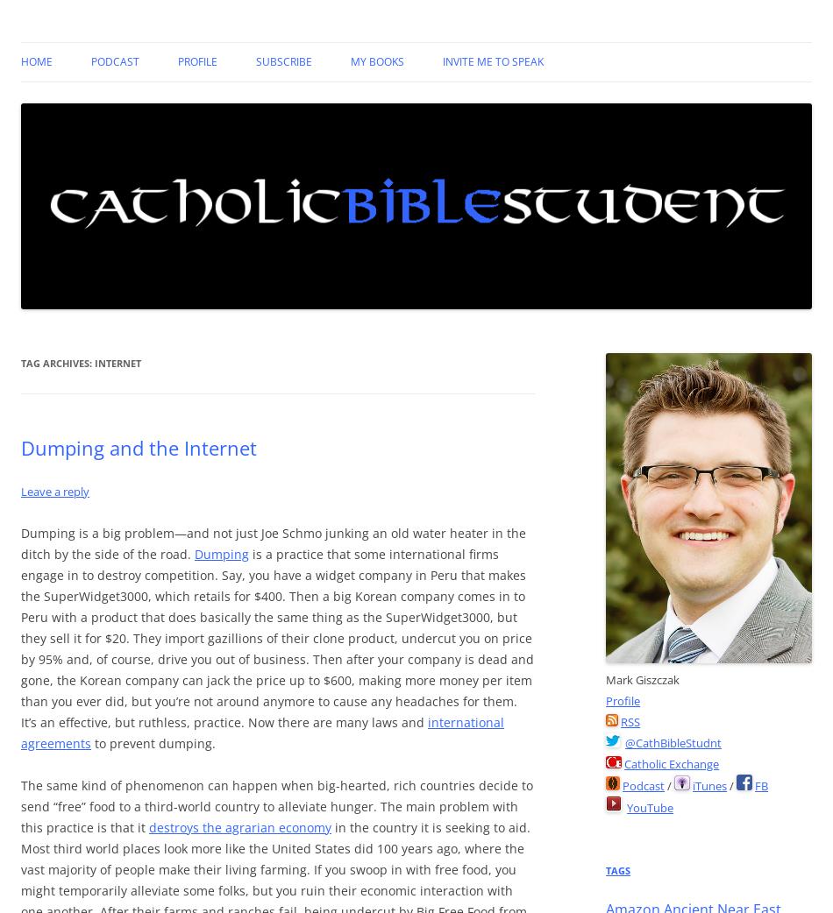 Image resolution: width=833 pixels, height=913 pixels. What do you see at coordinates (54, 489) in the screenshot?
I see `'Leave a reply'` at bounding box center [54, 489].